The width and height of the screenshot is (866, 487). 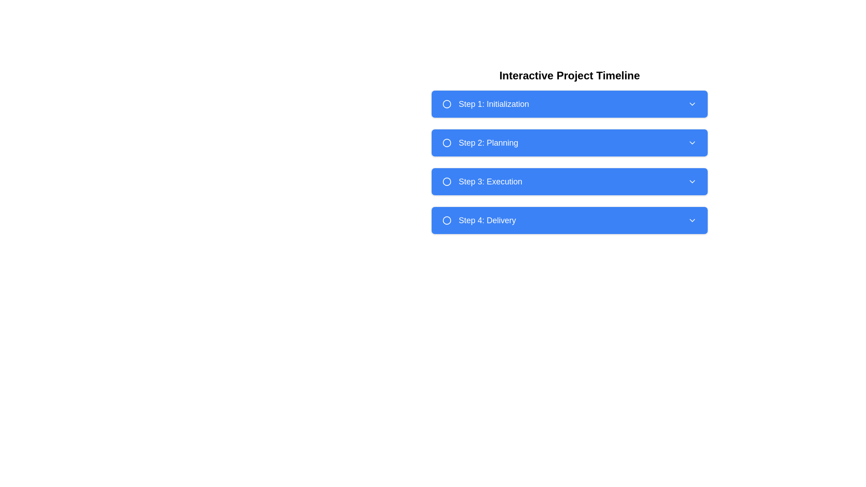 I want to click on the downward pointing chevron-shaped arrow icon, which is white against a blue background, located at the rightmost end of the 'Step 1: Initialization' section, so click(x=692, y=104).